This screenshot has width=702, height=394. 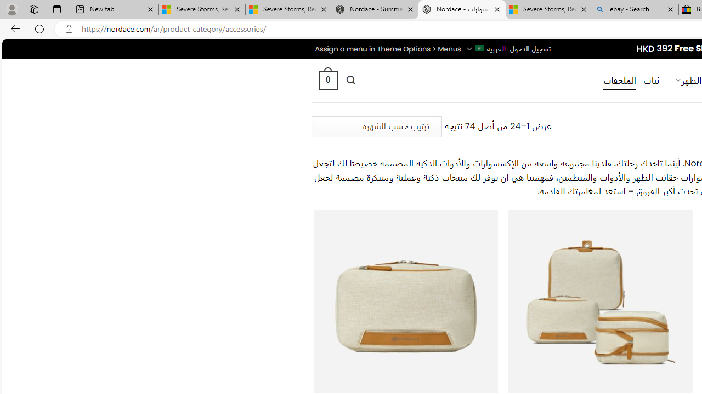 I want to click on 'ebay - Search', so click(x=635, y=9).